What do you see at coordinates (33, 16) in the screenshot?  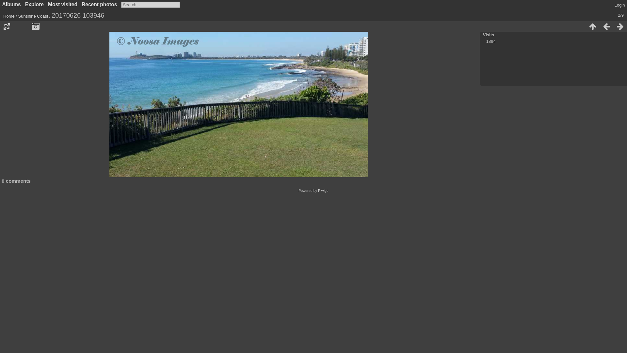 I see `'Sunshine Coast'` at bounding box center [33, 16].